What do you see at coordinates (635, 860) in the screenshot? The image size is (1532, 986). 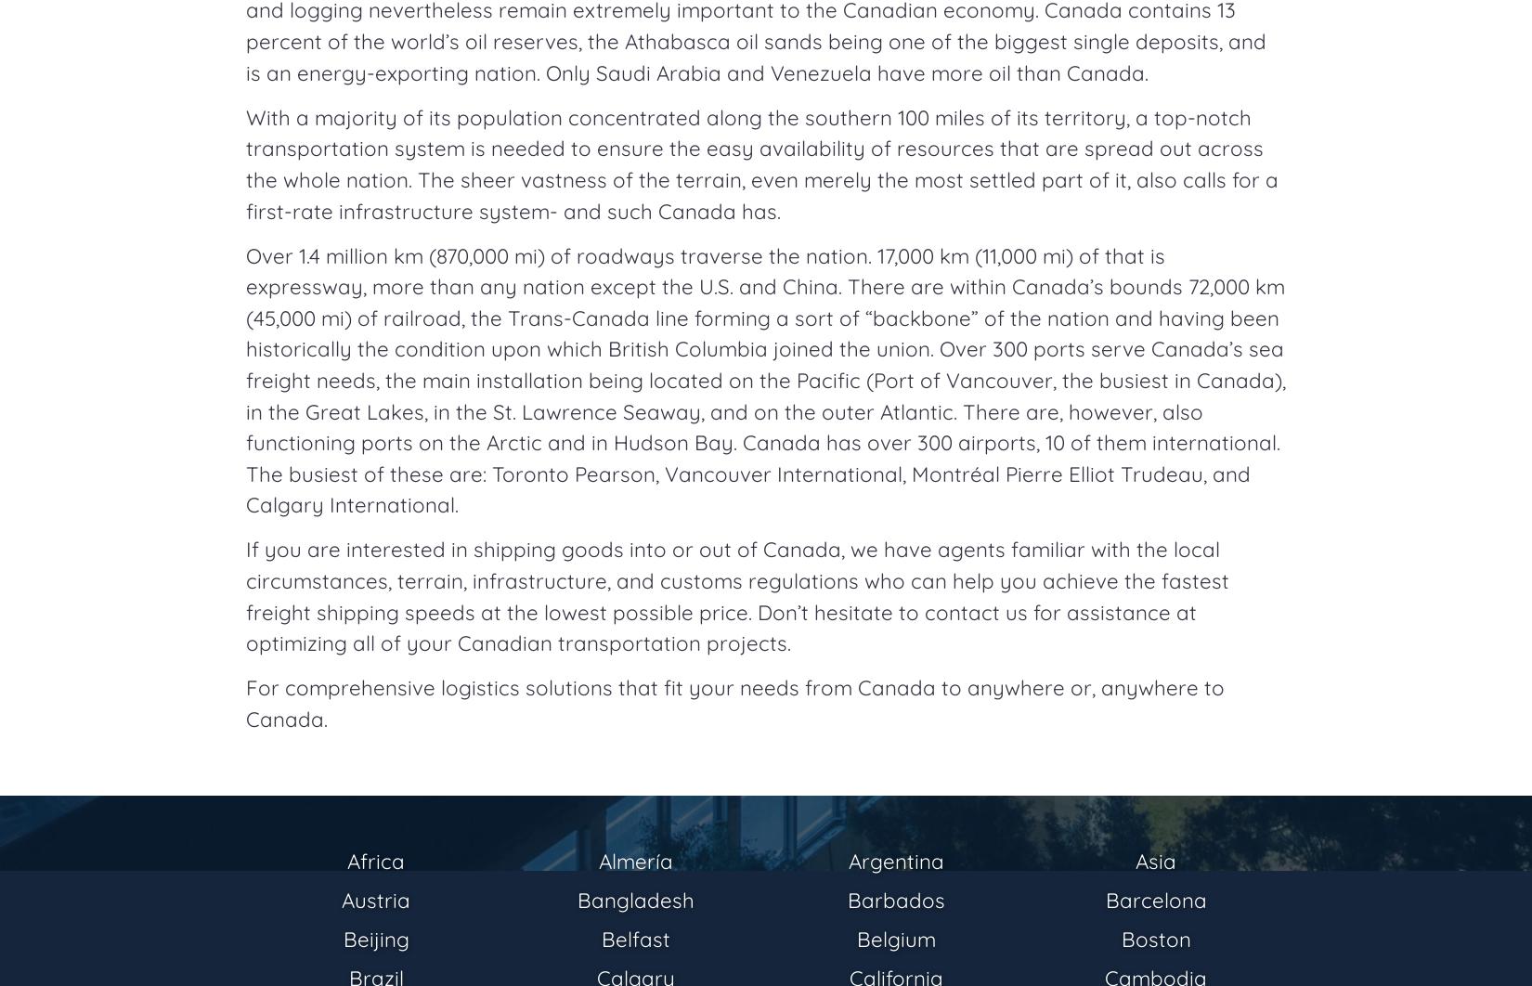 I see `'Almería'` at bounding box center [635, 860].